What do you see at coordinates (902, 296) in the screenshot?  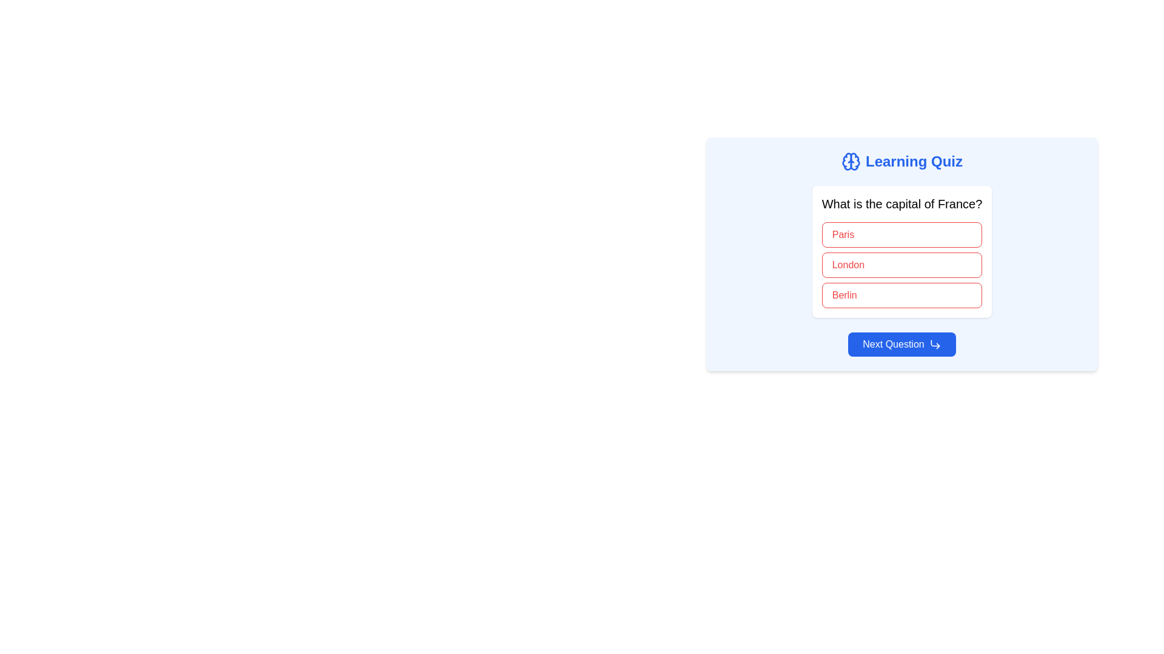 I see `the third button in the multiple-choice question interface labeled 'What is the capital of France?'` at bounding box center [902, 296].